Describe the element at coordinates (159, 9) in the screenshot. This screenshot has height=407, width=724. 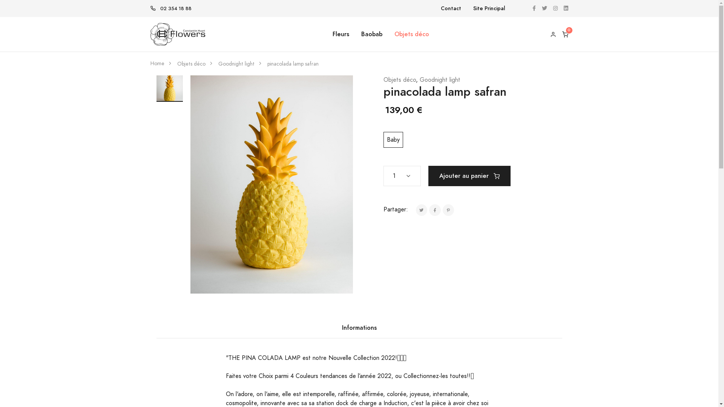
I see `'02 354 18 88'` at that location.